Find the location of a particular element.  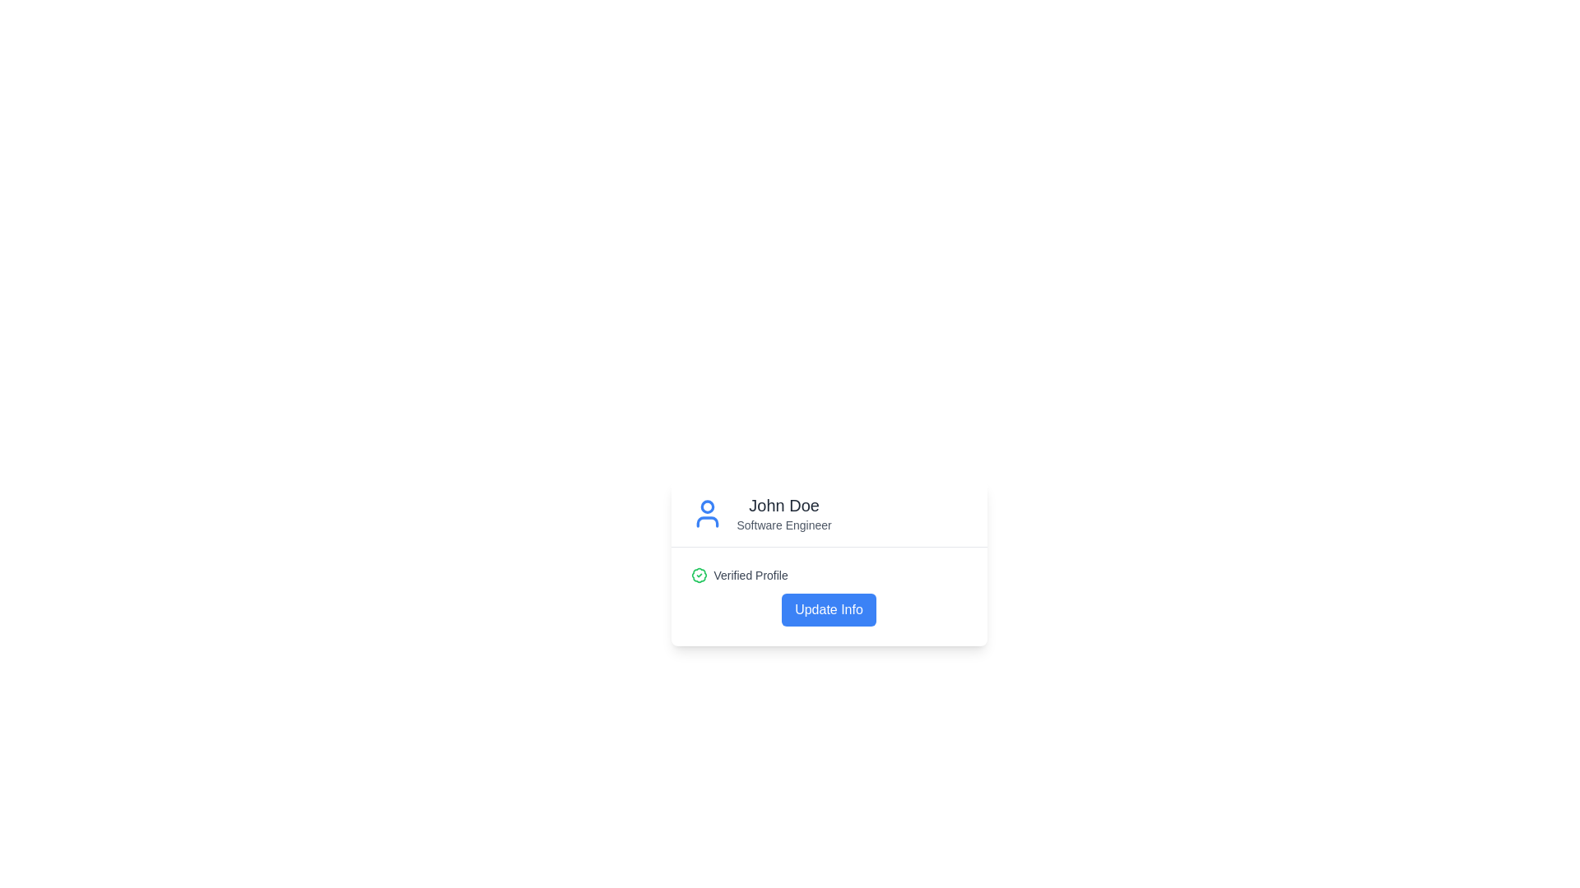

the bottom half of the user avatar icon, which is styled with a blue outline and positioned below the circular head in the SVG representation is located at coordinates (707, 522).